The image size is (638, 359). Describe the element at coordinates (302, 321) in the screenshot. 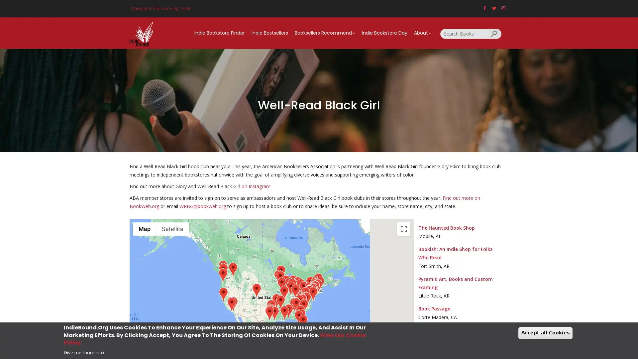

I see `Books & Books` at that location.